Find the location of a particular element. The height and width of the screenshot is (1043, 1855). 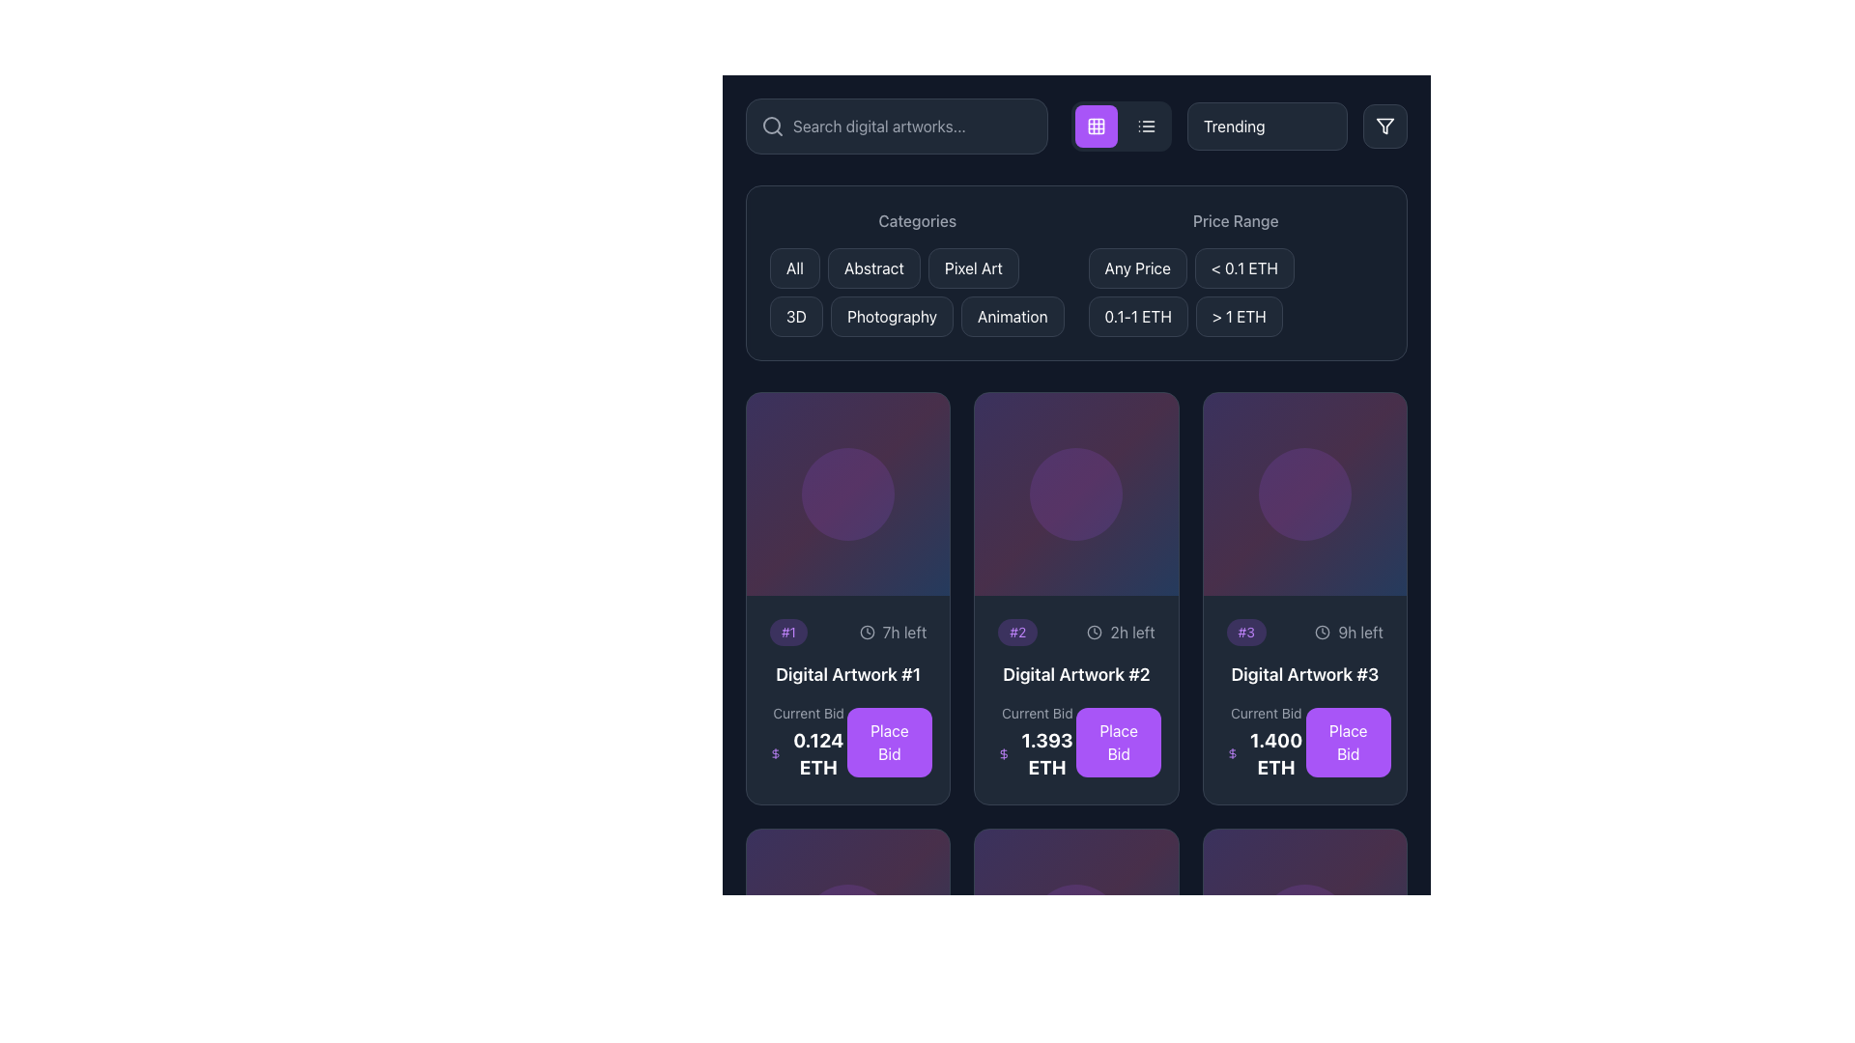

the 'like' or 'favorite' button located in the top-right corner of the third card is located at coordinates (1373, 423).